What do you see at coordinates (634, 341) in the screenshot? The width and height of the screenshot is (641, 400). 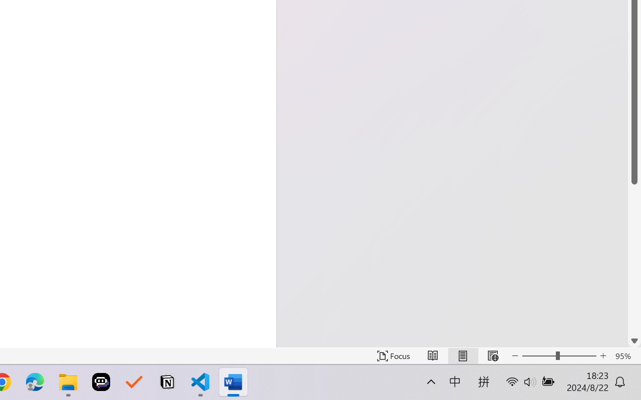 I see `'Line down'` at bounding box center [634, 341].